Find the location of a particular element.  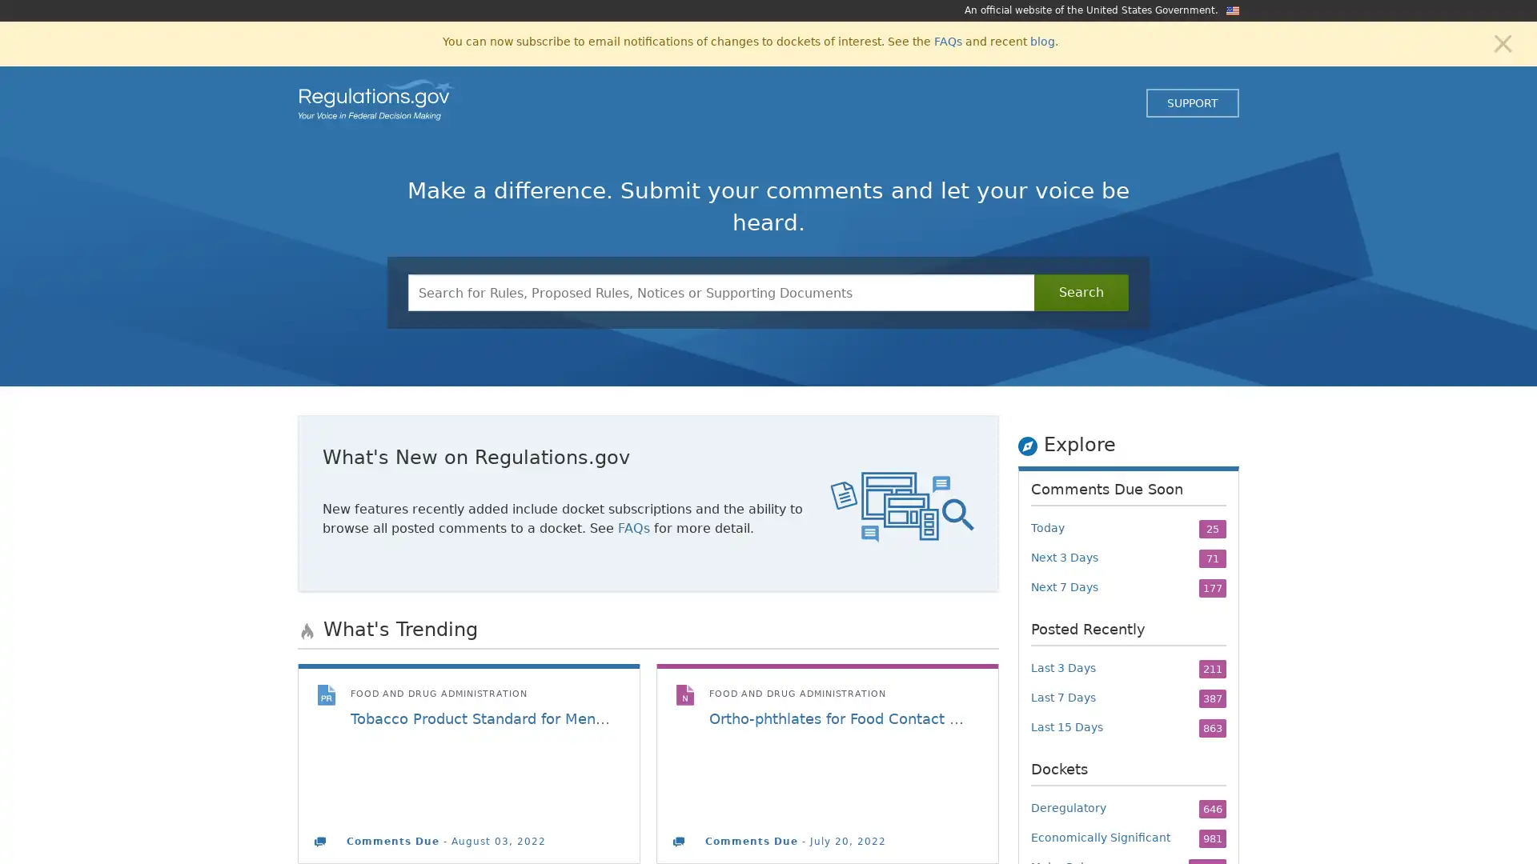

Close is located at coordinates (1502, 42).